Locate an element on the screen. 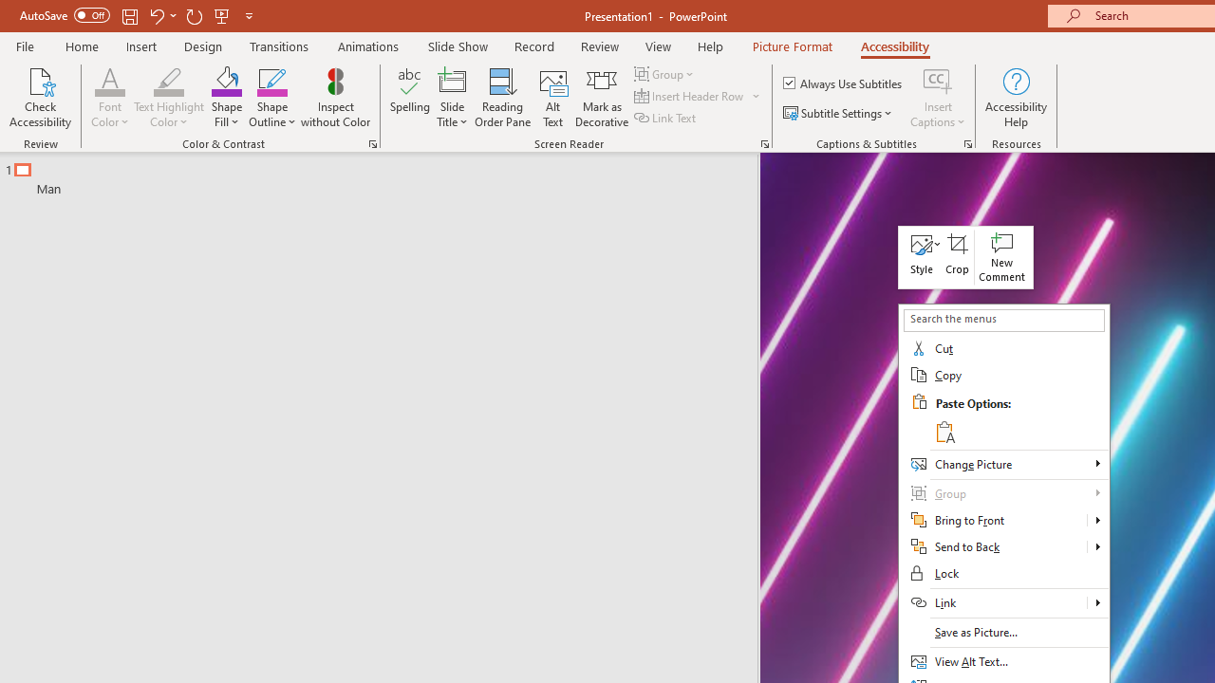 The width and height of the screenshot is (1215, 683). 'Captions & Subtitles' is located at coordinates (968, 142).